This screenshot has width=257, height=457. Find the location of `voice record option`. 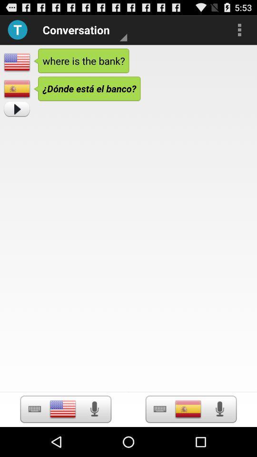

voice record option is located at coordinates (94, 408).